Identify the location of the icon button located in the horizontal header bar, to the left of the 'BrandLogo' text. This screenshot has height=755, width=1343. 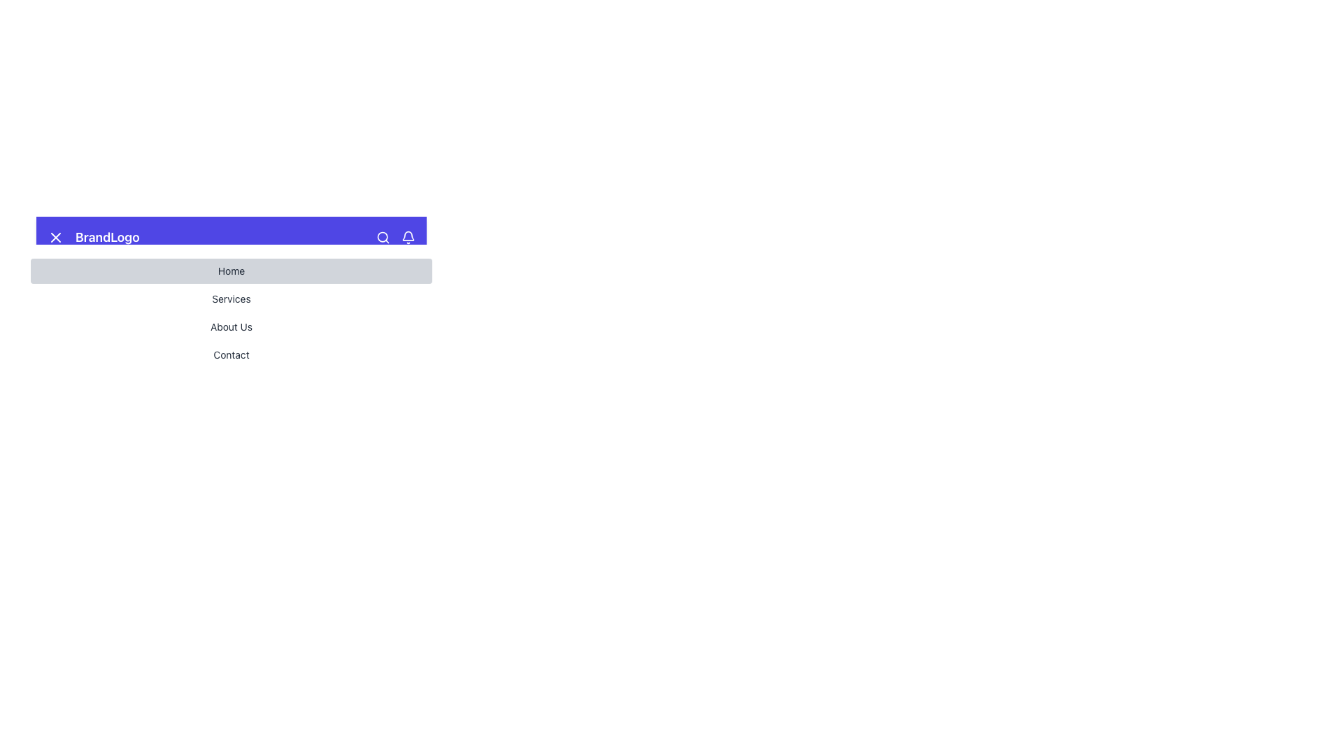
(56, 236).